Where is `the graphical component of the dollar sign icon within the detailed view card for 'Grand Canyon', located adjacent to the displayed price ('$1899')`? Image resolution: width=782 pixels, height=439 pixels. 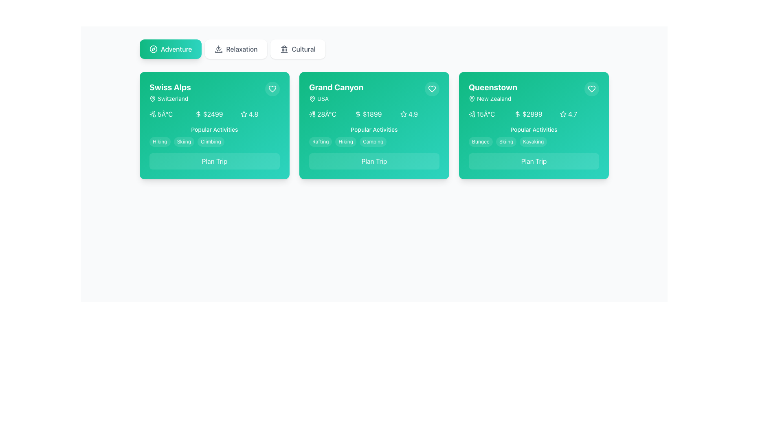 the graphical component of the dollar sign icon within the detailed view card for 'Grand Canyon', located adjacent to the displayed price ('$1899') is located at coordinates (358, 114).